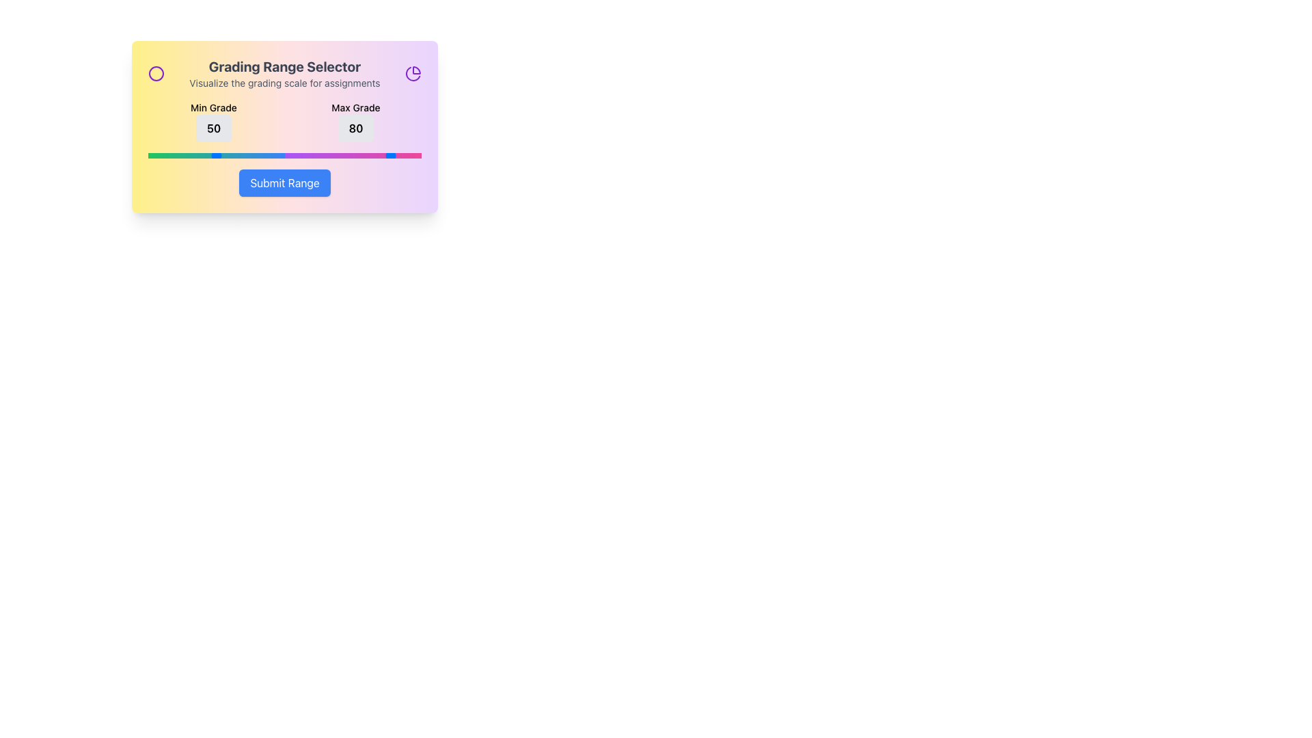 This screenshot has width=1312, height=738. Describe the element at coordinates (284, 74) in the screenshot. I see `the non-interactive text block titled 'Grading Range Selector', which displays the description 'Visualize the grading scale for assignments' in a card-like interface` at that location.